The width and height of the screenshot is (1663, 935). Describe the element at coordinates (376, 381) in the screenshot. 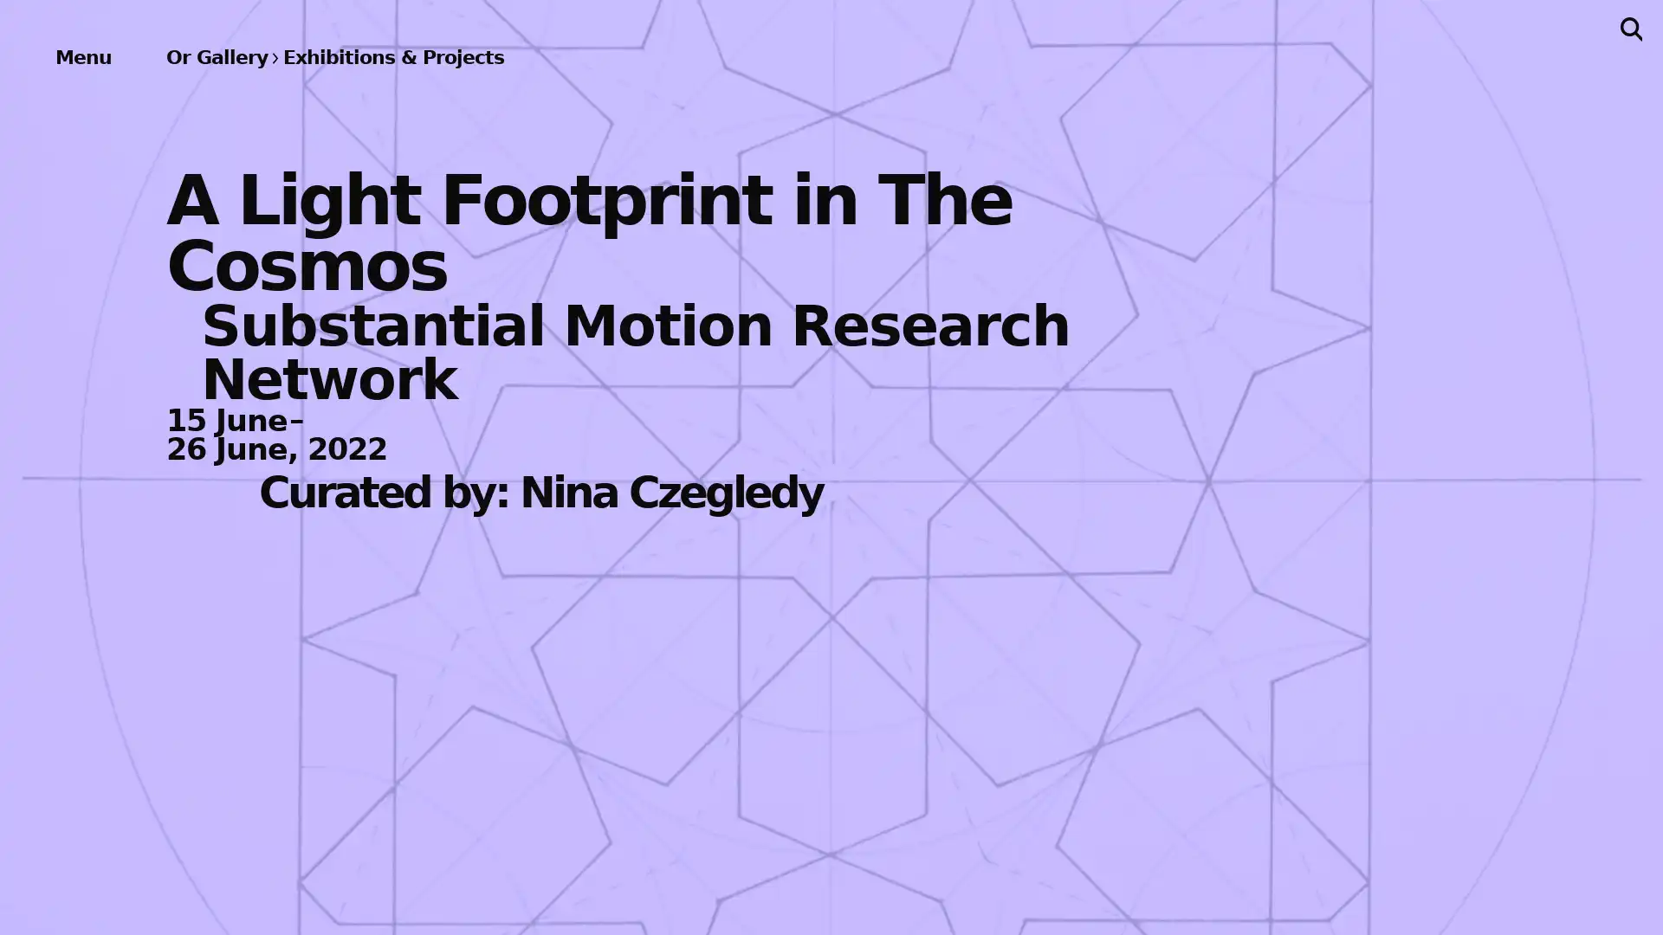

I see `Publications & Editions` at that location.